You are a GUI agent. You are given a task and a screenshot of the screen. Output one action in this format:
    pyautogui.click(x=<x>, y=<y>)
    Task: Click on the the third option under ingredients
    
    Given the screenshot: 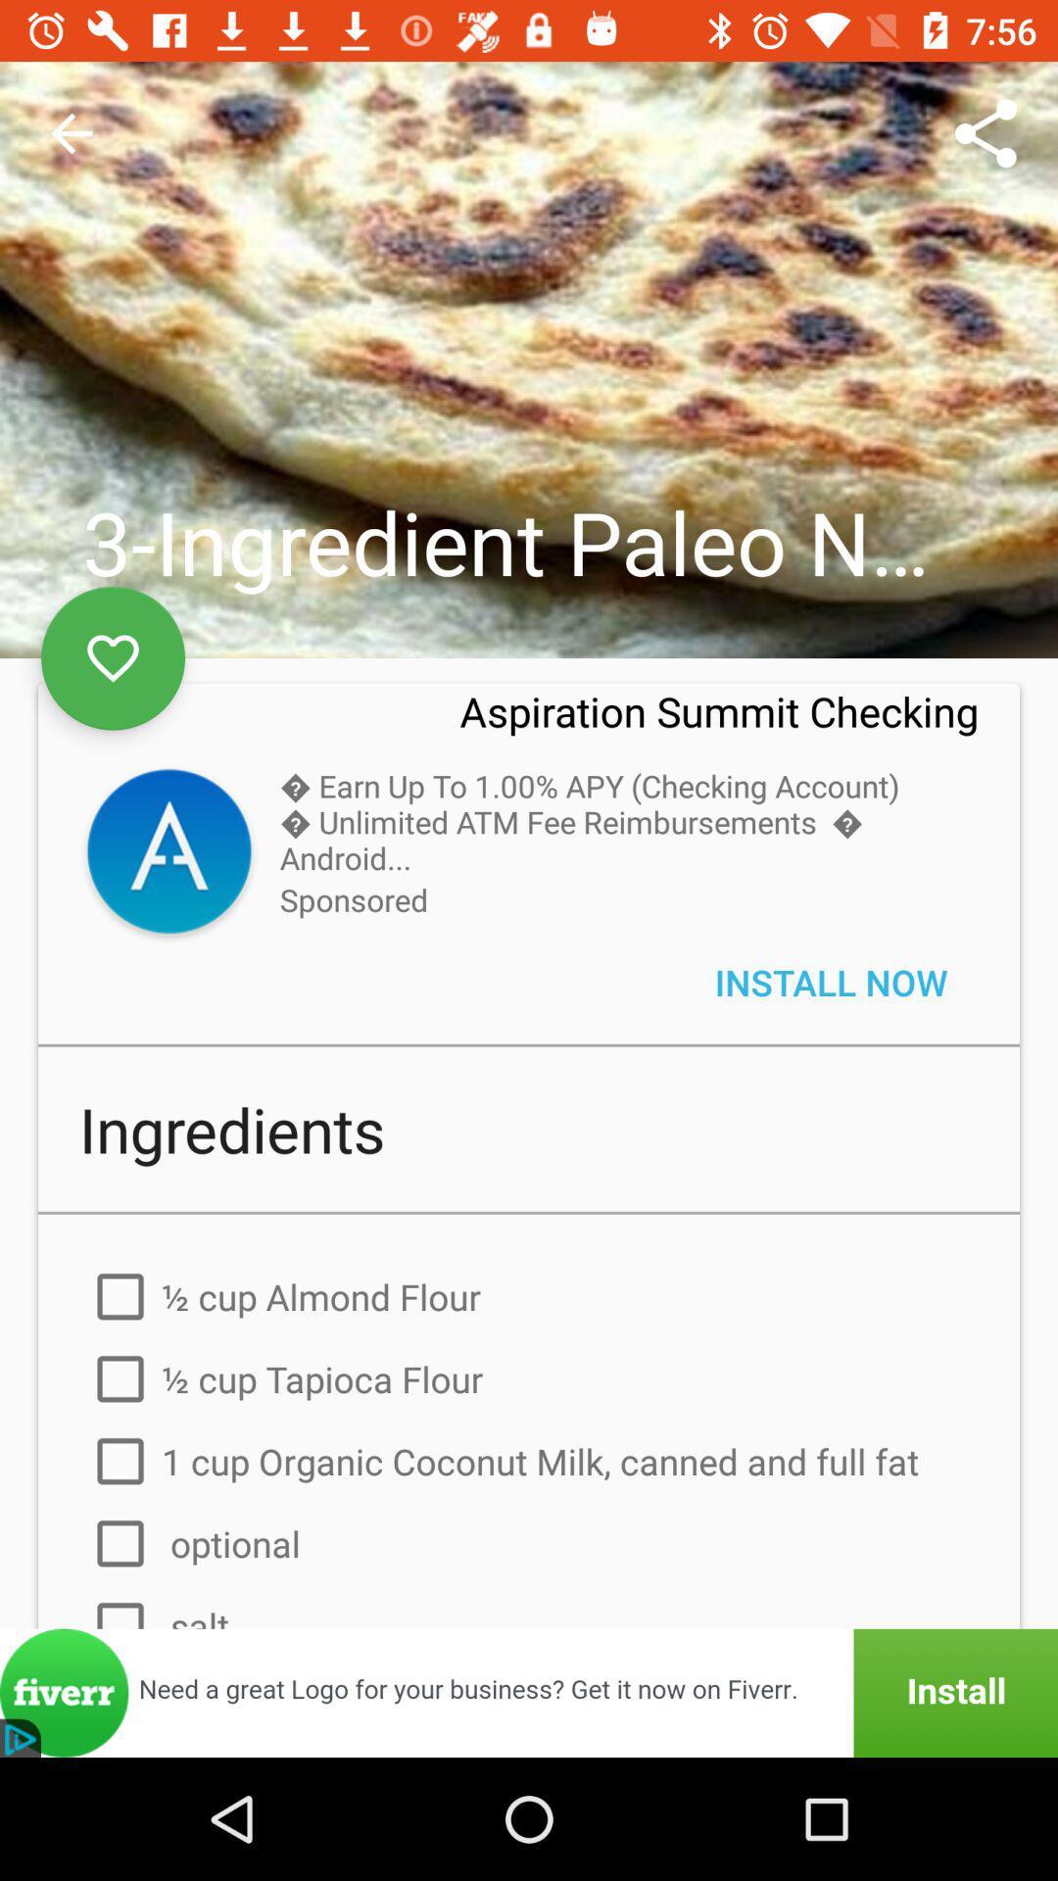 What is the action you would take?
    pyautogui.click(x=529, y=1462)
    